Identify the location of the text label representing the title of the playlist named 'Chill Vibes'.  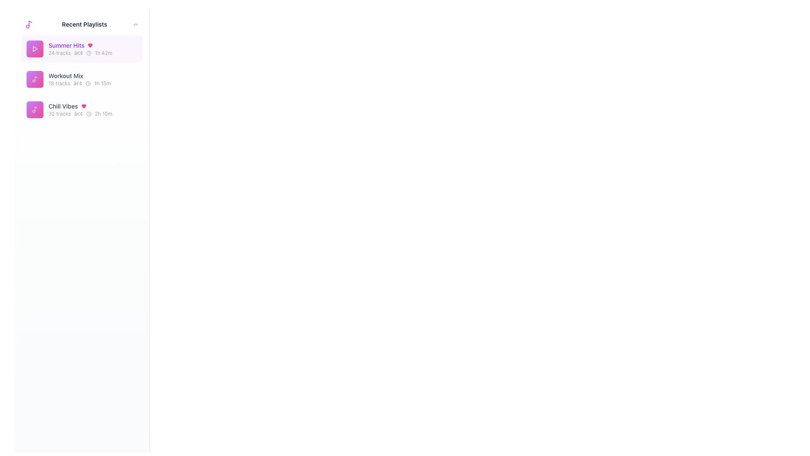
(62, 106).